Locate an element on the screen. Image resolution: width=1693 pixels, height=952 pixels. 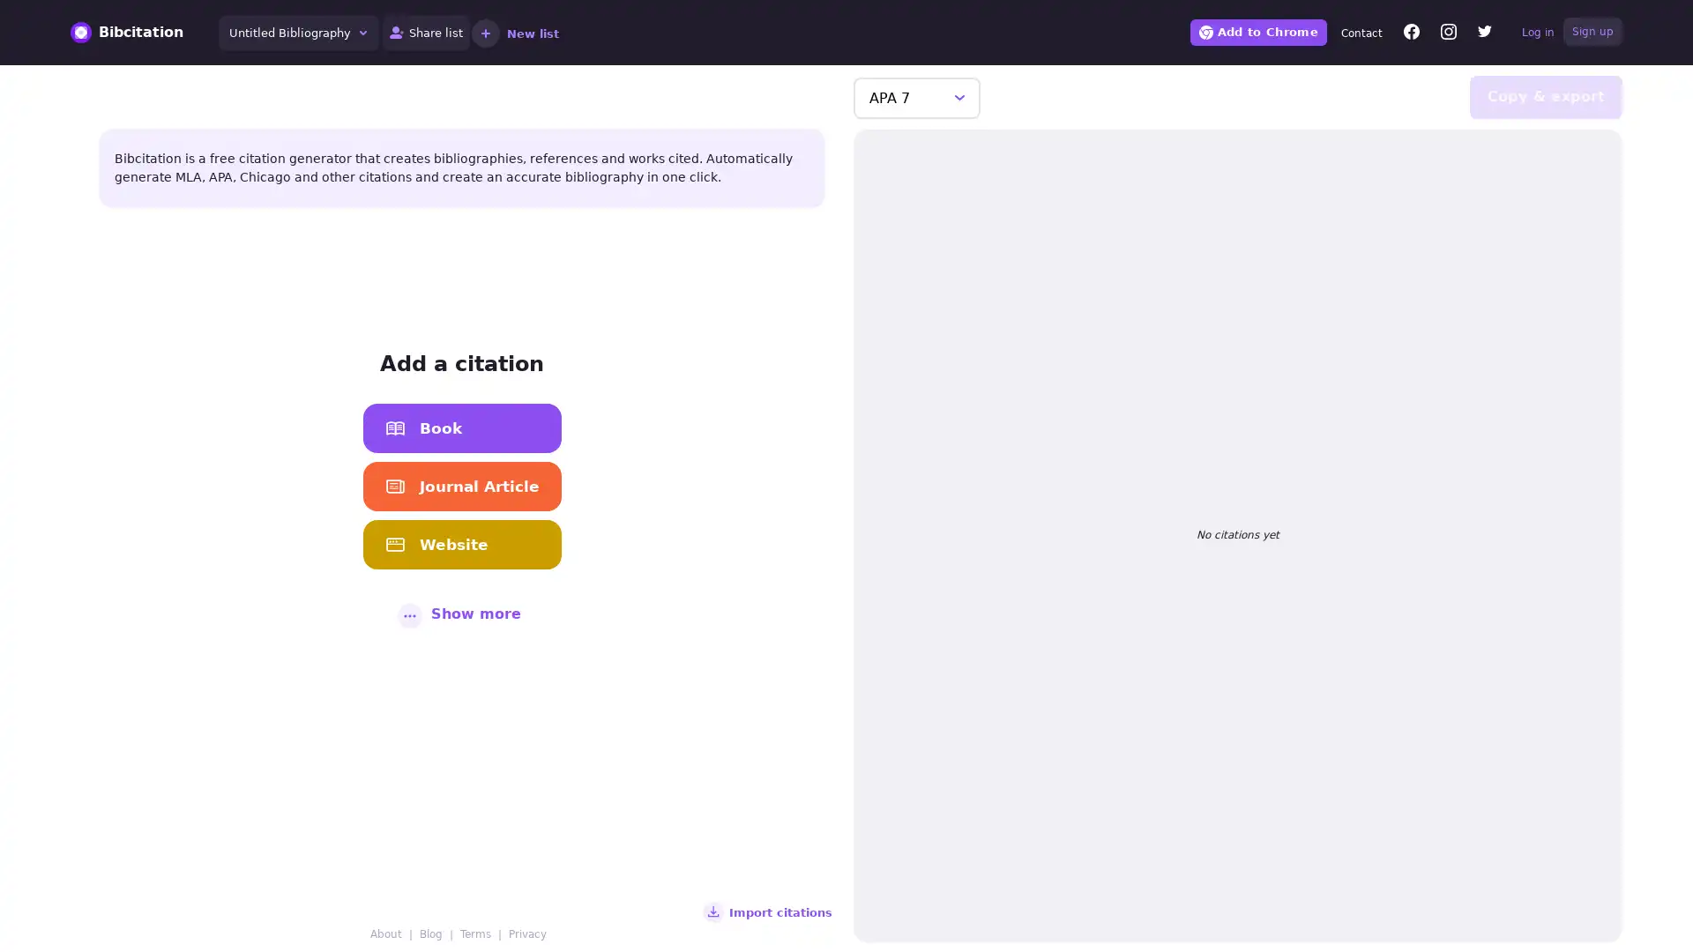
Untitled Bibliography is located at coordinates (299, 33).